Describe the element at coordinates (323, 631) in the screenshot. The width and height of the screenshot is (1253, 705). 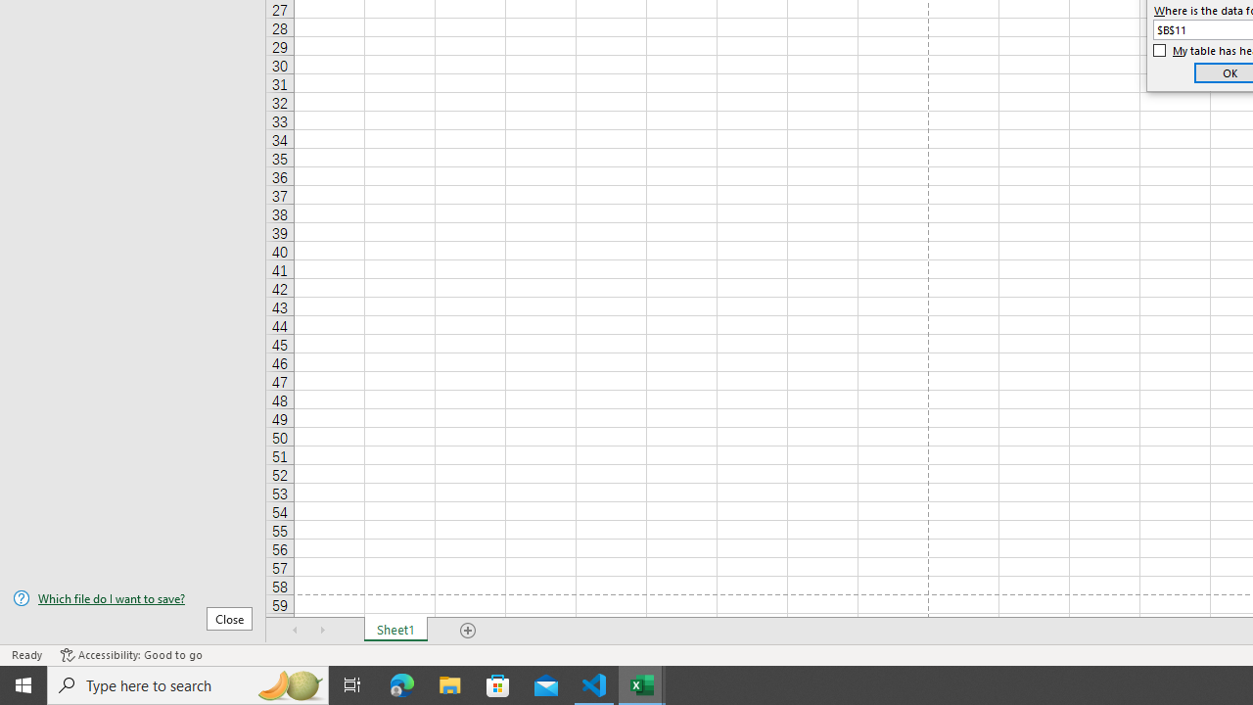
I see `'Scroll Right'` at that location.